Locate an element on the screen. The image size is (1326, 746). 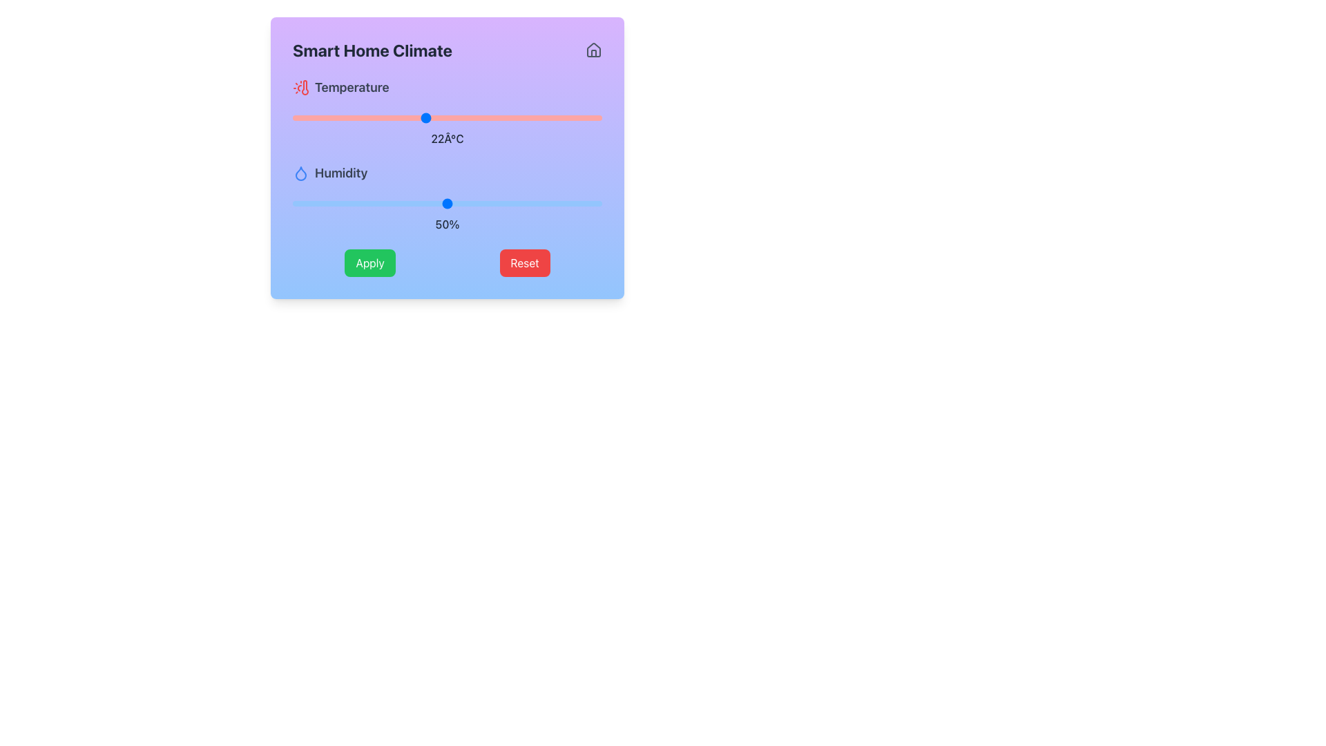
temperature is located at coordinates (381, 117).